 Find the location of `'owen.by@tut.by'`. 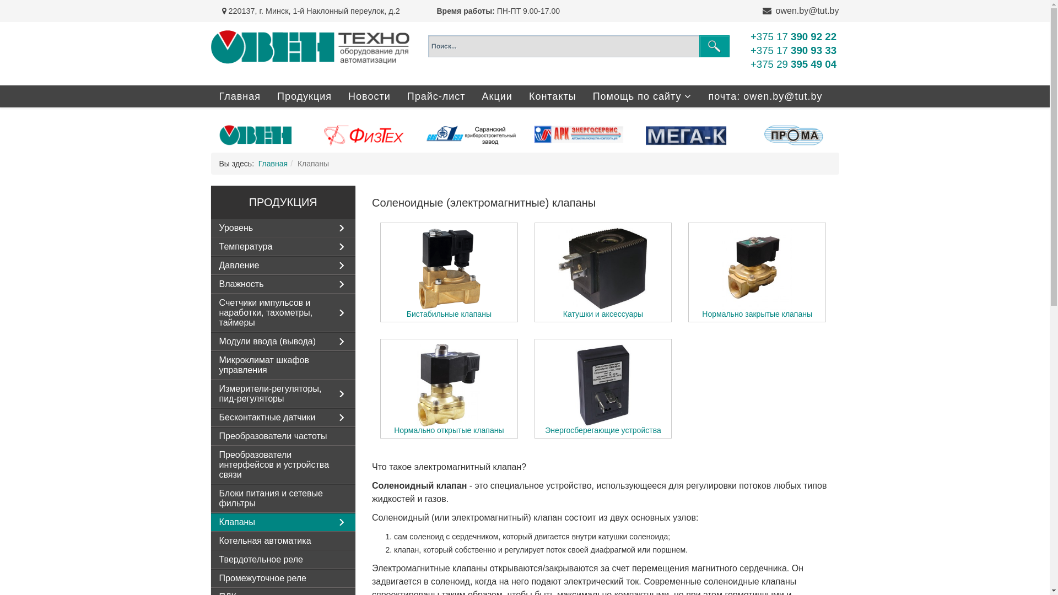

'owen.by@tut.by' is located at coordinates (807, 10).